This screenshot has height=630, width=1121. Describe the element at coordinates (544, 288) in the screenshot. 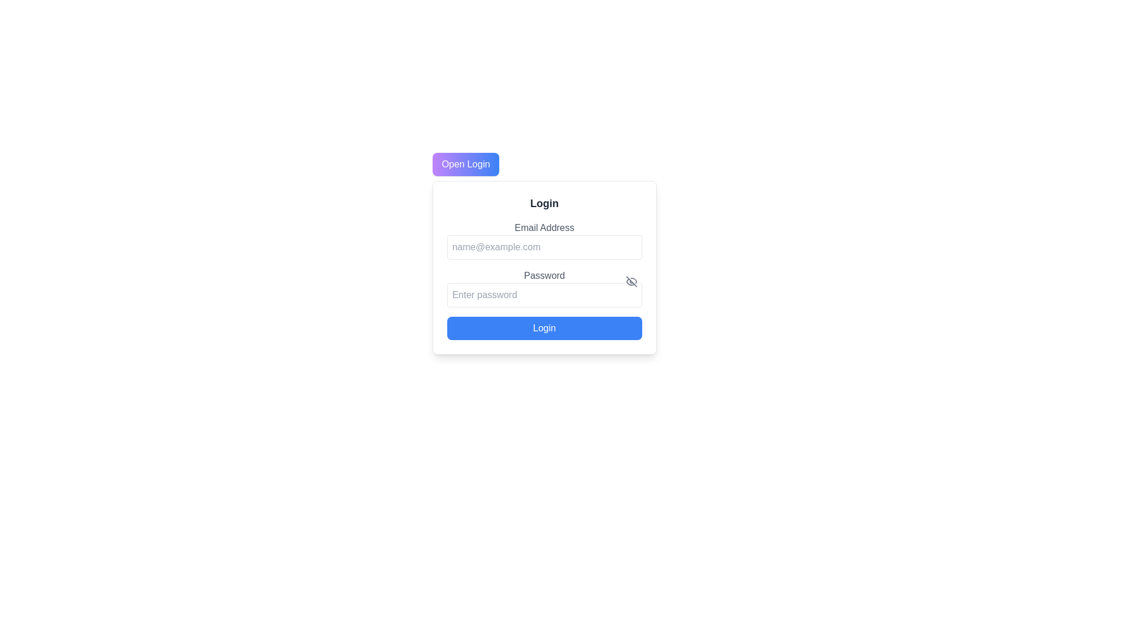

I see `into the password input field located below the 'Email Address' field and above the 'Login' button to input a password` at that location.